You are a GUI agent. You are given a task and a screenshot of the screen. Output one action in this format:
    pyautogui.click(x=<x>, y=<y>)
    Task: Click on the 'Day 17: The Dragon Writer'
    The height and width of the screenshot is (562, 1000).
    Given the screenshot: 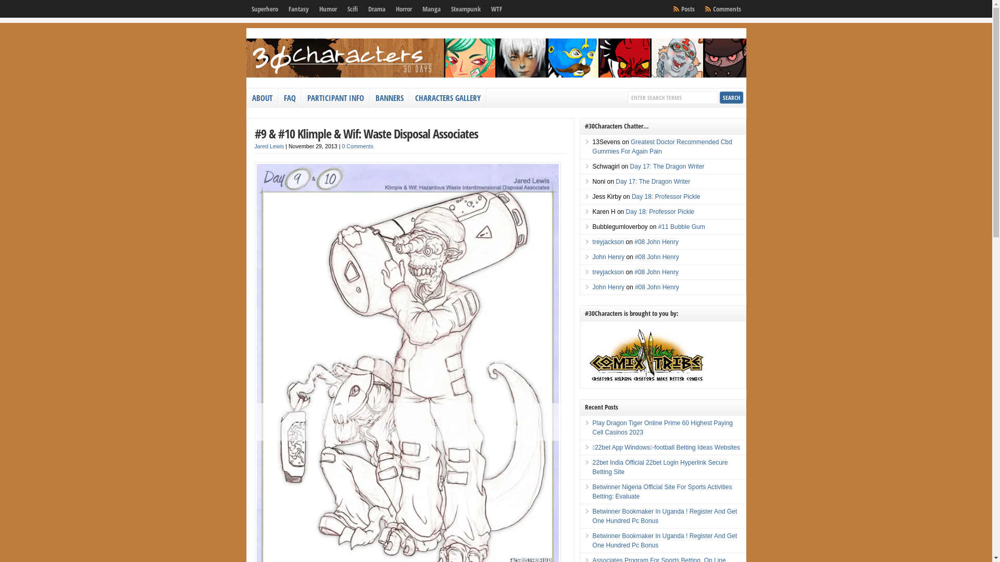 What is the action you would take?
    pyautogui.click(x=652, y=181)
    